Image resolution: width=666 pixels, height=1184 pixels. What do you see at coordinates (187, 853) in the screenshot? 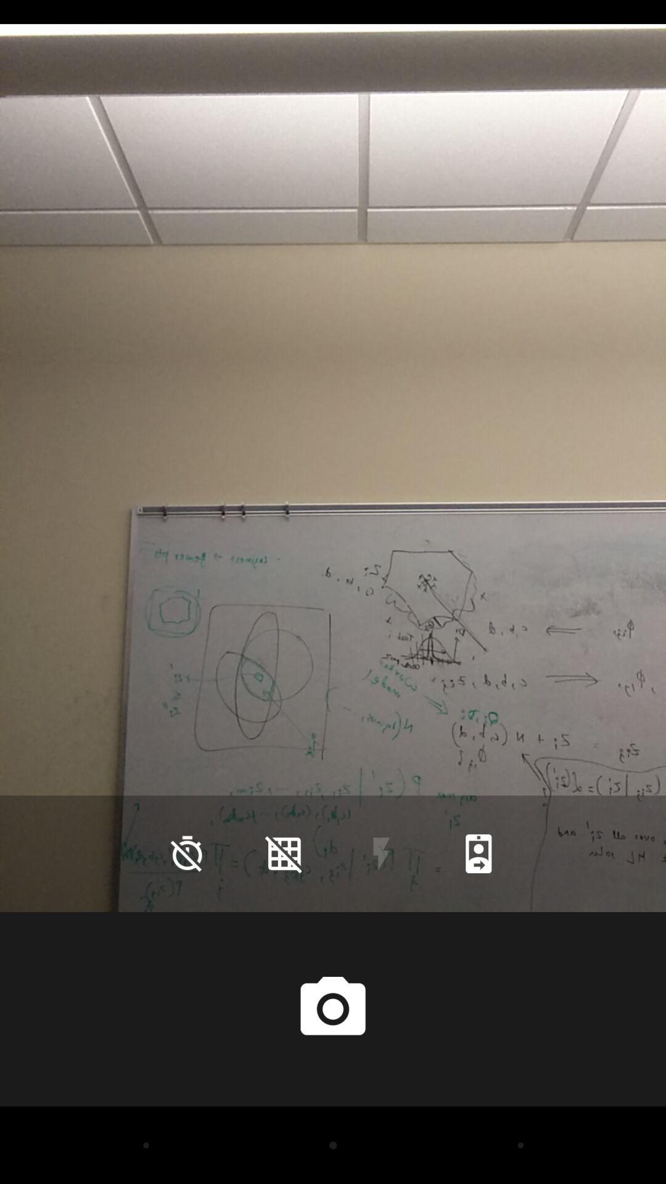
I see `the time icon` at bounding box center [187, 853].